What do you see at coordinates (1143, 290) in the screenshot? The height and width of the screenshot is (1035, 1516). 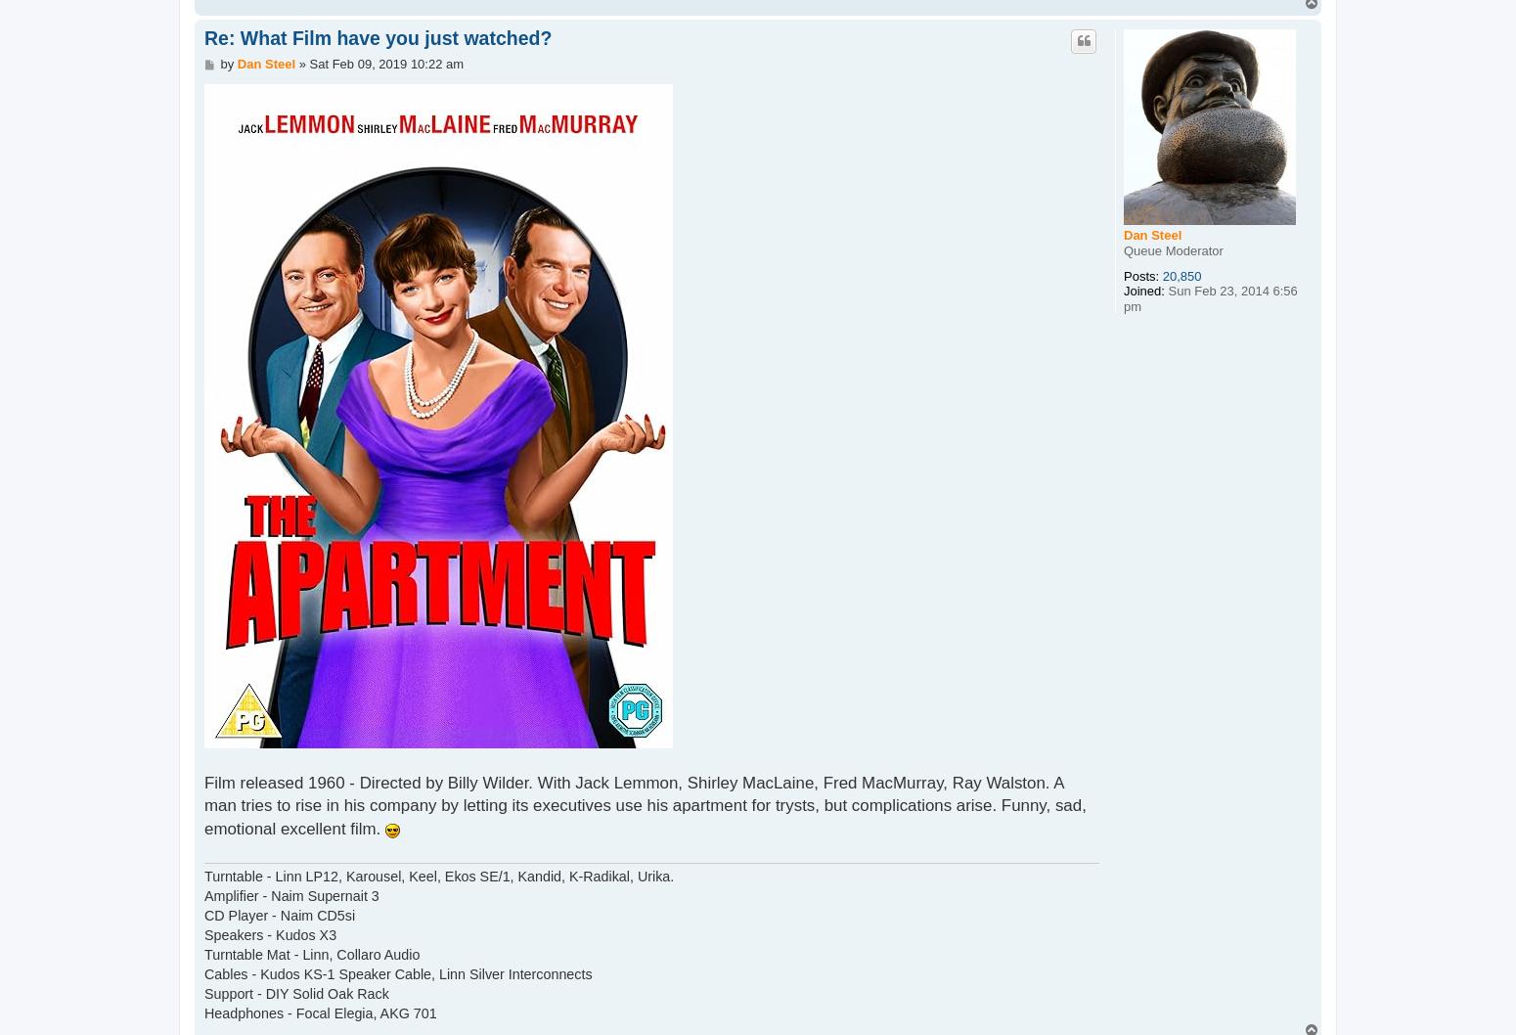 I see `'Joined:'` at bounding box center [1143, 290].